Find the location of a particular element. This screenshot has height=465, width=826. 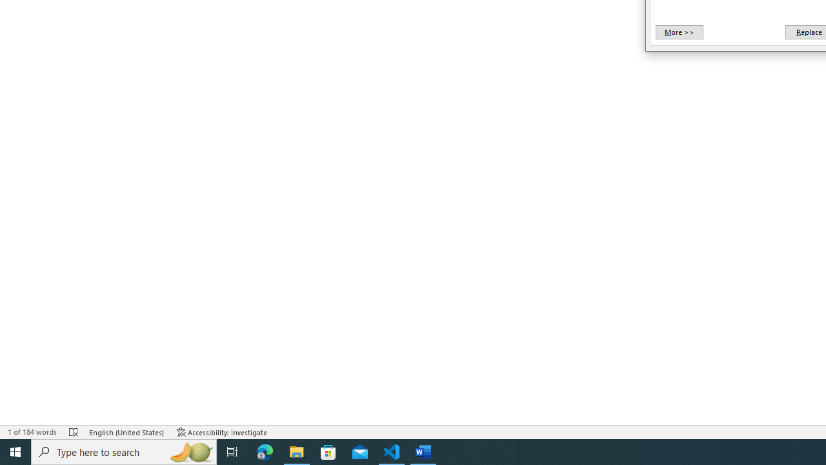

'Microsoft Edge' is located at coordinates (265, 451).